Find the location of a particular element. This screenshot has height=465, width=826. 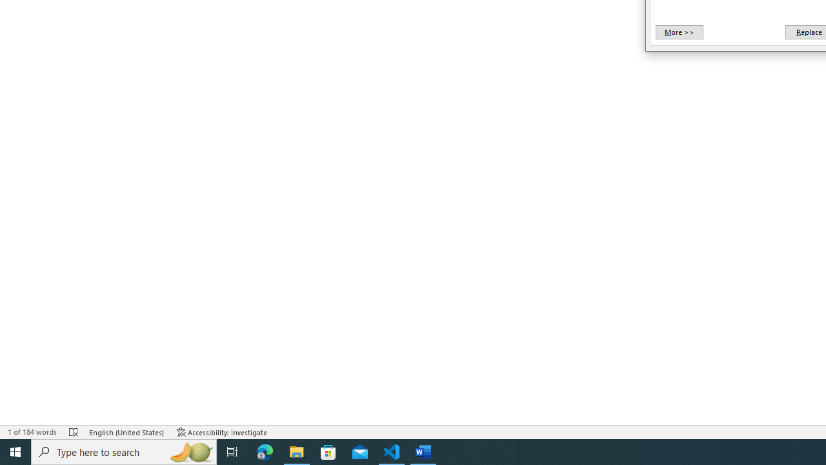

'Microsoft Edge' is located at coordinates (265, 451).